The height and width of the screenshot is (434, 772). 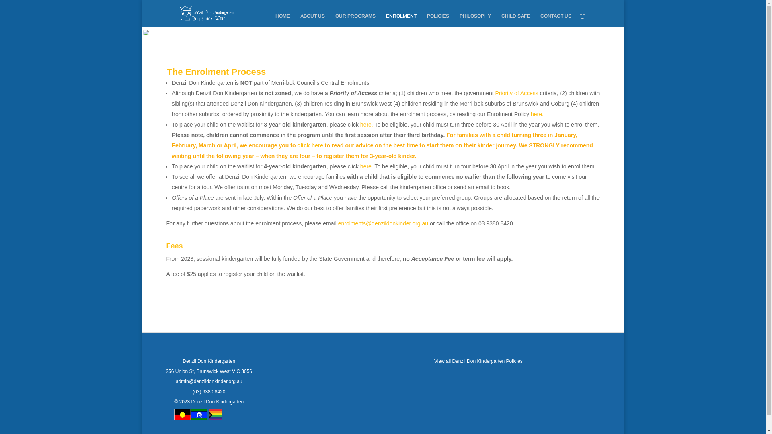 What do you see at coordinates (517, 92) in the screenshot?
I see `'Priority of Access'` at bounding box center [517, 92].